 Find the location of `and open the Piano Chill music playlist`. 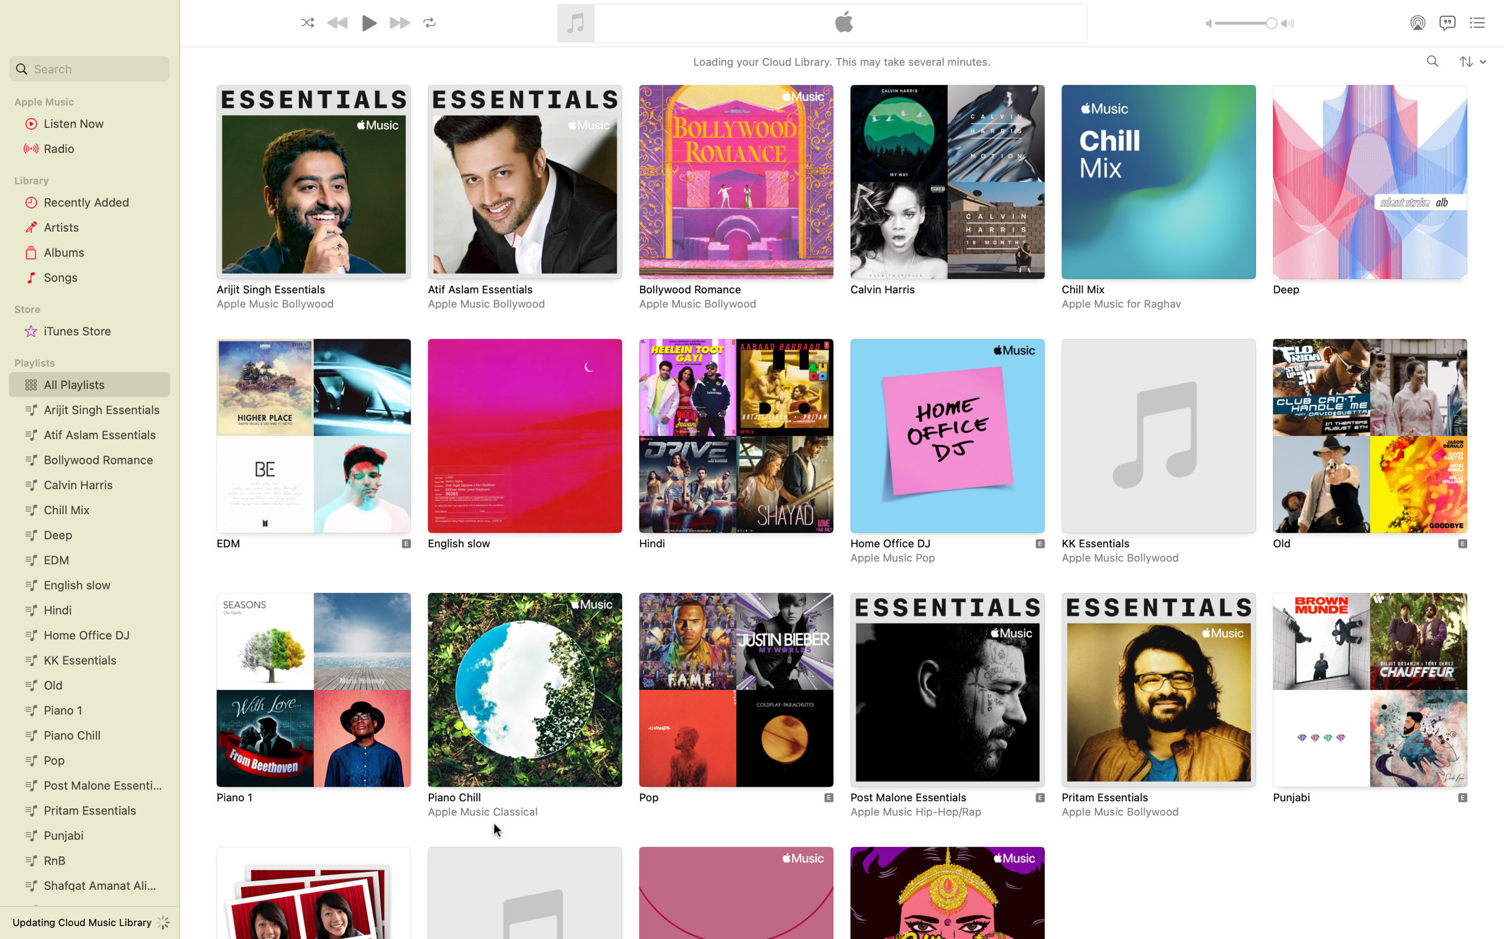

and open the Piano Chill music playlist is located at coordinates (526, 708).